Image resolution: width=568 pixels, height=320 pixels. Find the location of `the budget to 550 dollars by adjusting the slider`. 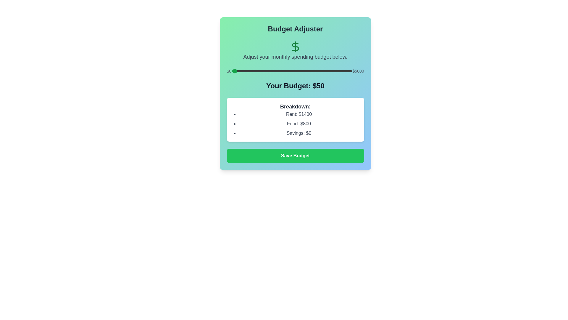

the budget to 550 dollars by adjusting the slider is located at coordinates (245, 71).